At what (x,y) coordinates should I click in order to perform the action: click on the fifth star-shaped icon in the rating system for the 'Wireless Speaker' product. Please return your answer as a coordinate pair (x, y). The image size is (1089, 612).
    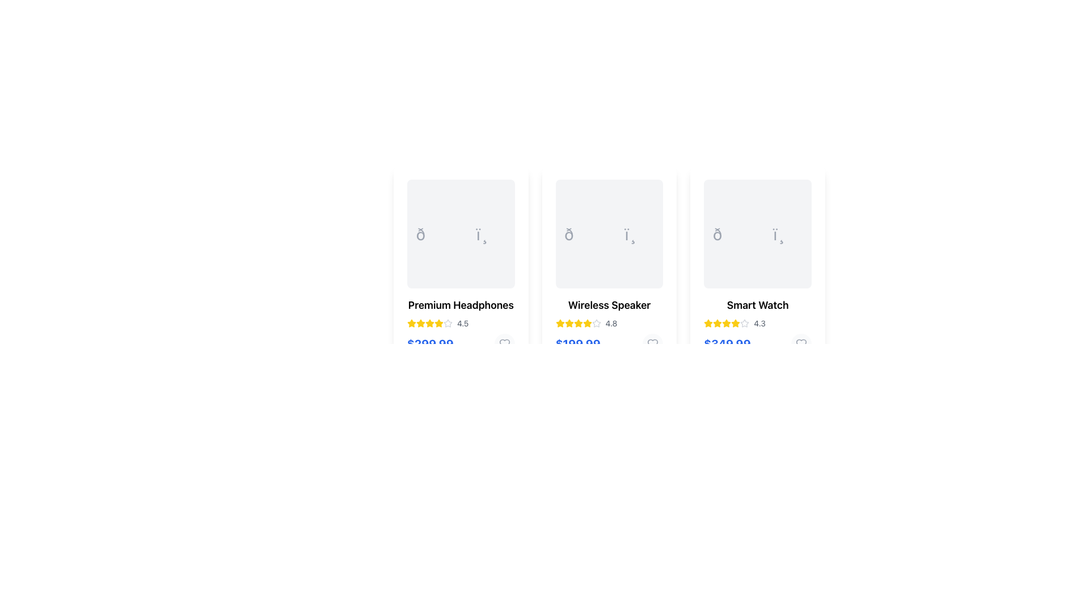
    Looking at the image, I should click on (596, 323).